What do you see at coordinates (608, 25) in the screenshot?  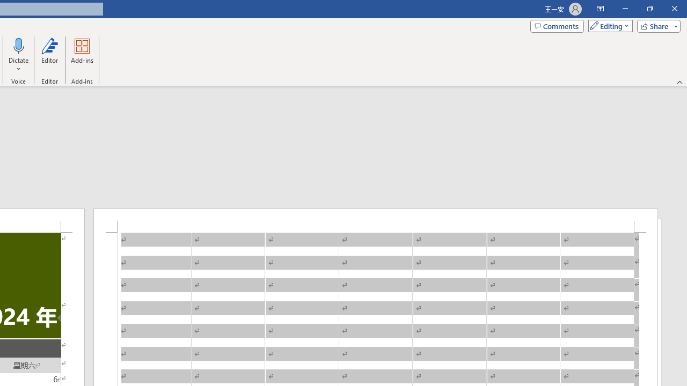 I see `'Mode'` at bounding box center [608, 25].